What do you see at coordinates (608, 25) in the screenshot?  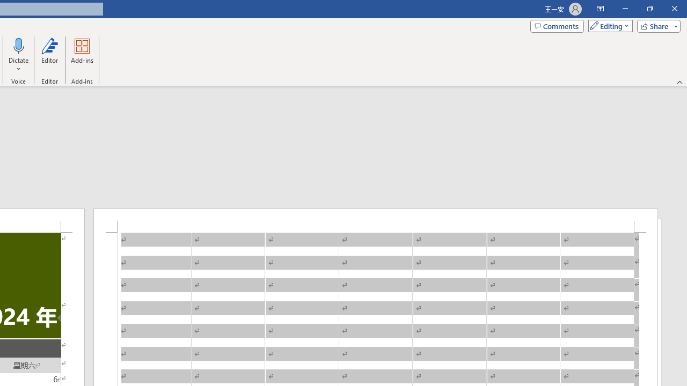 I see `'Mode'` at bounding box center [608, 25].